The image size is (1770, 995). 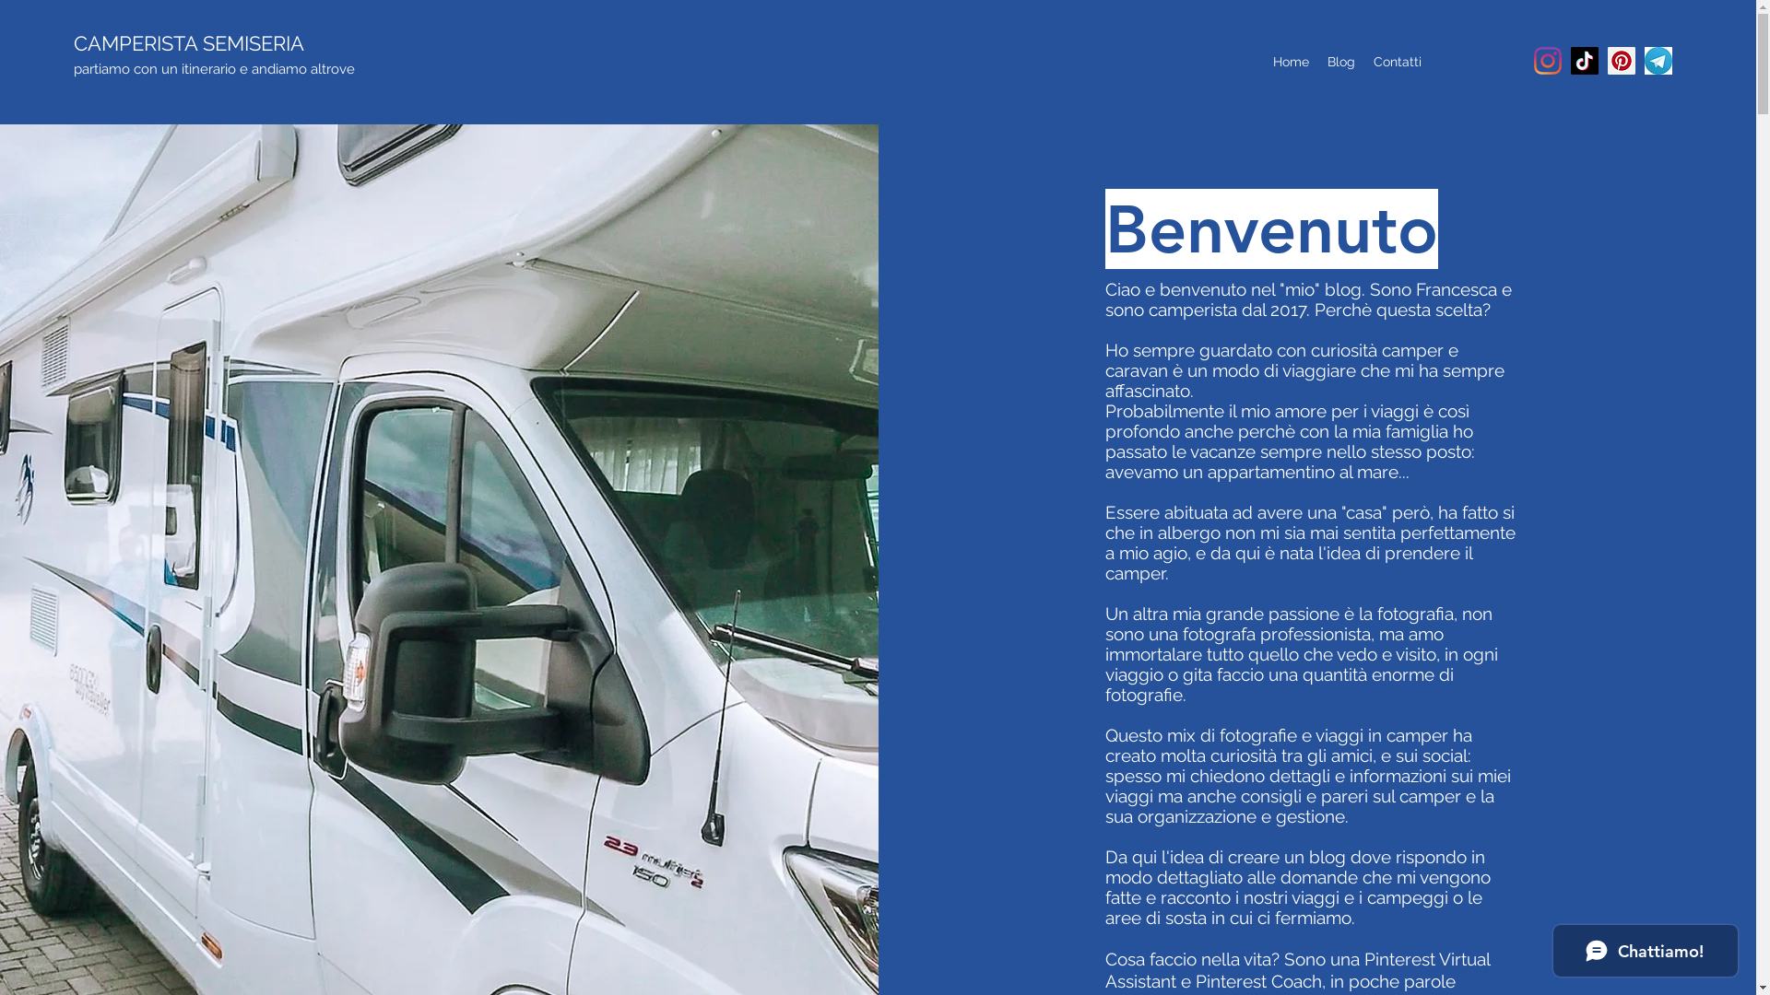 I want to click on 'Blog', so click(x=1317, y=60).